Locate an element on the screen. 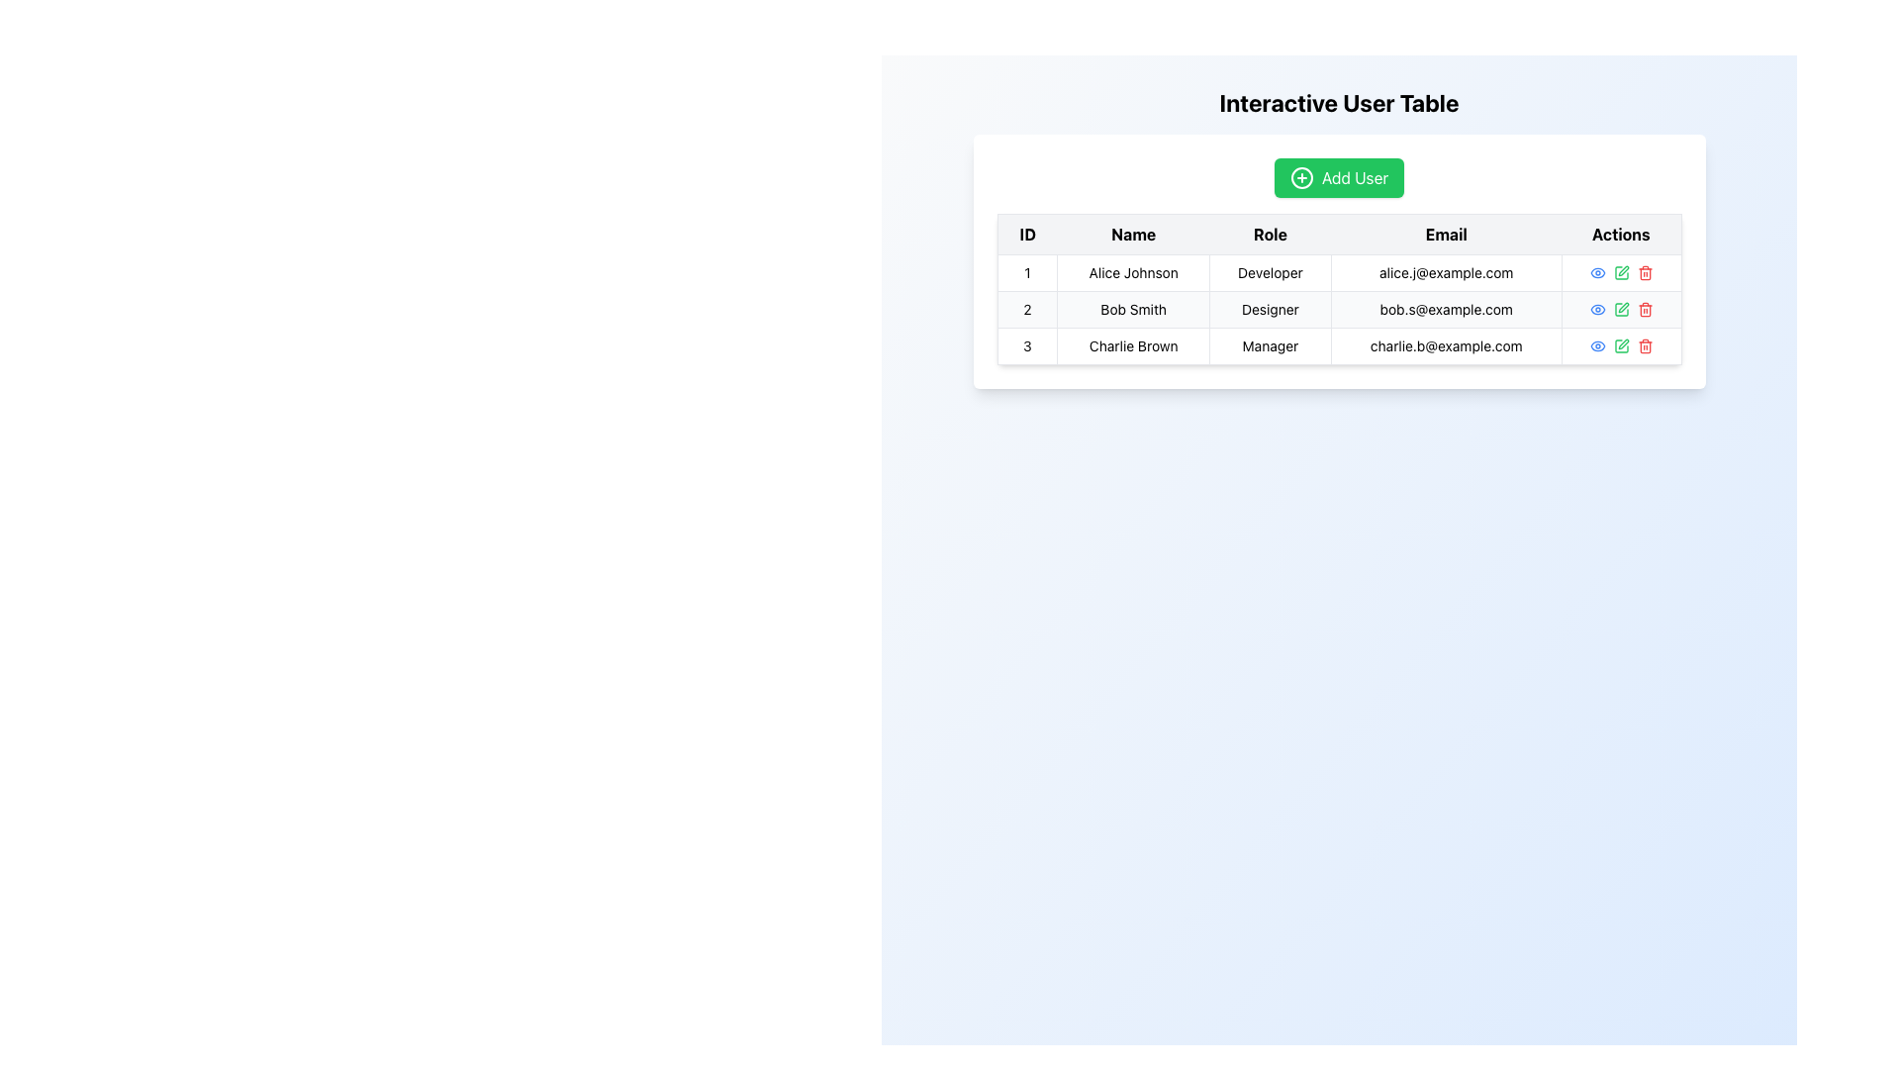  the user ID text element located in the first column of the first row of the 'Interactive User Table' is located at coordinates (1027, 273).